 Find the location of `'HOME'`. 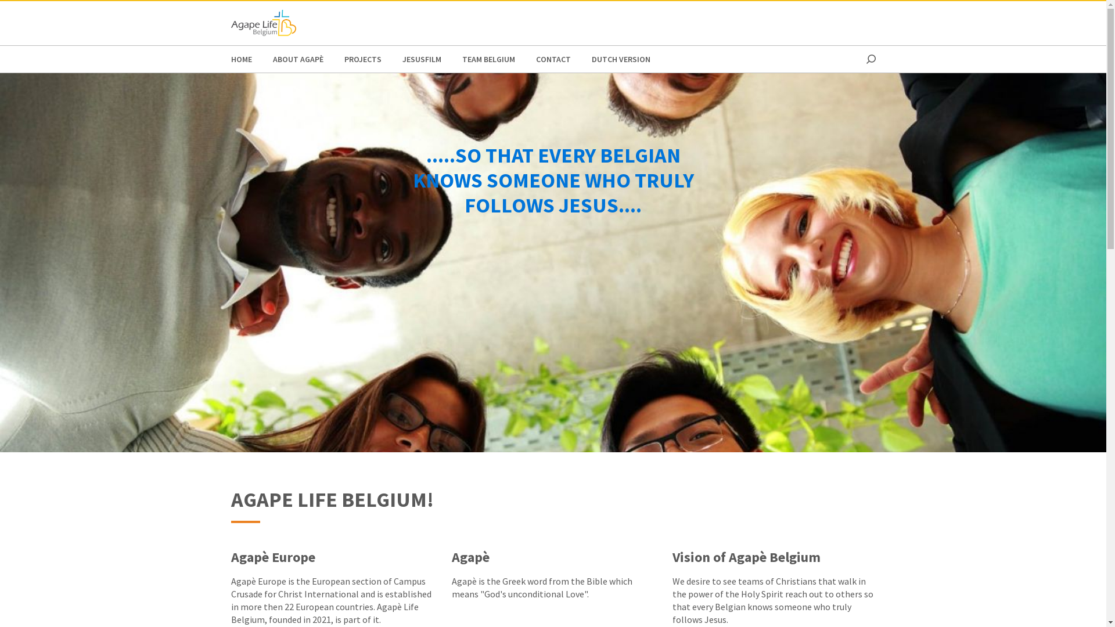

'HOME' is located at coordinates (241, 59).